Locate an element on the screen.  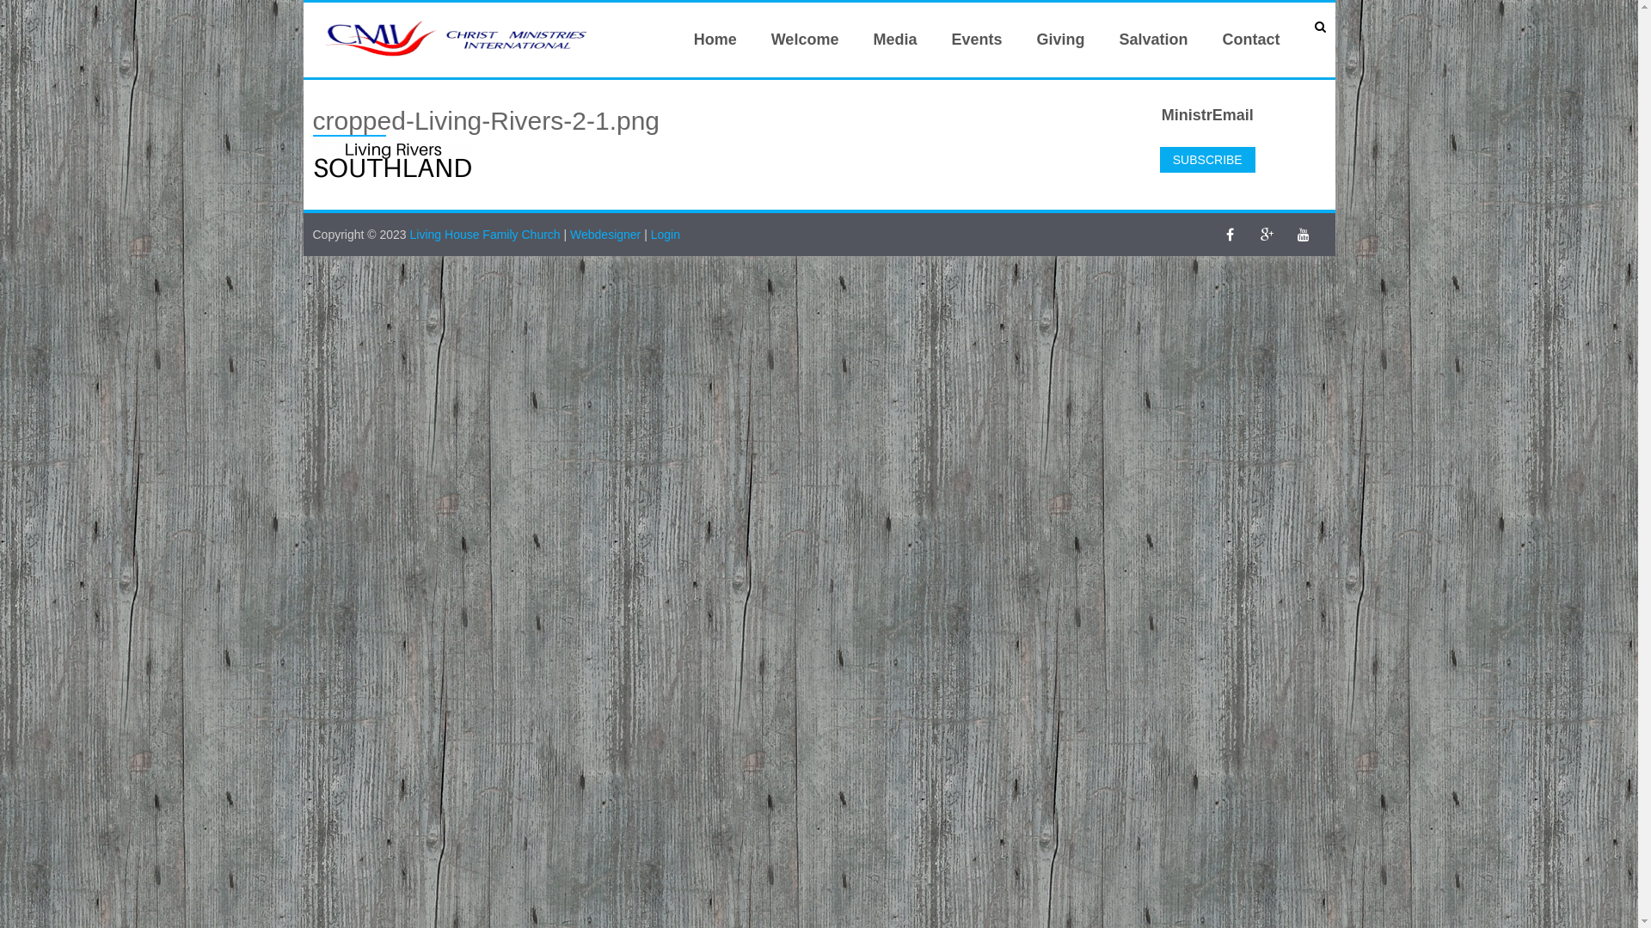
'Welcome' is located at coordinates (804, 39).